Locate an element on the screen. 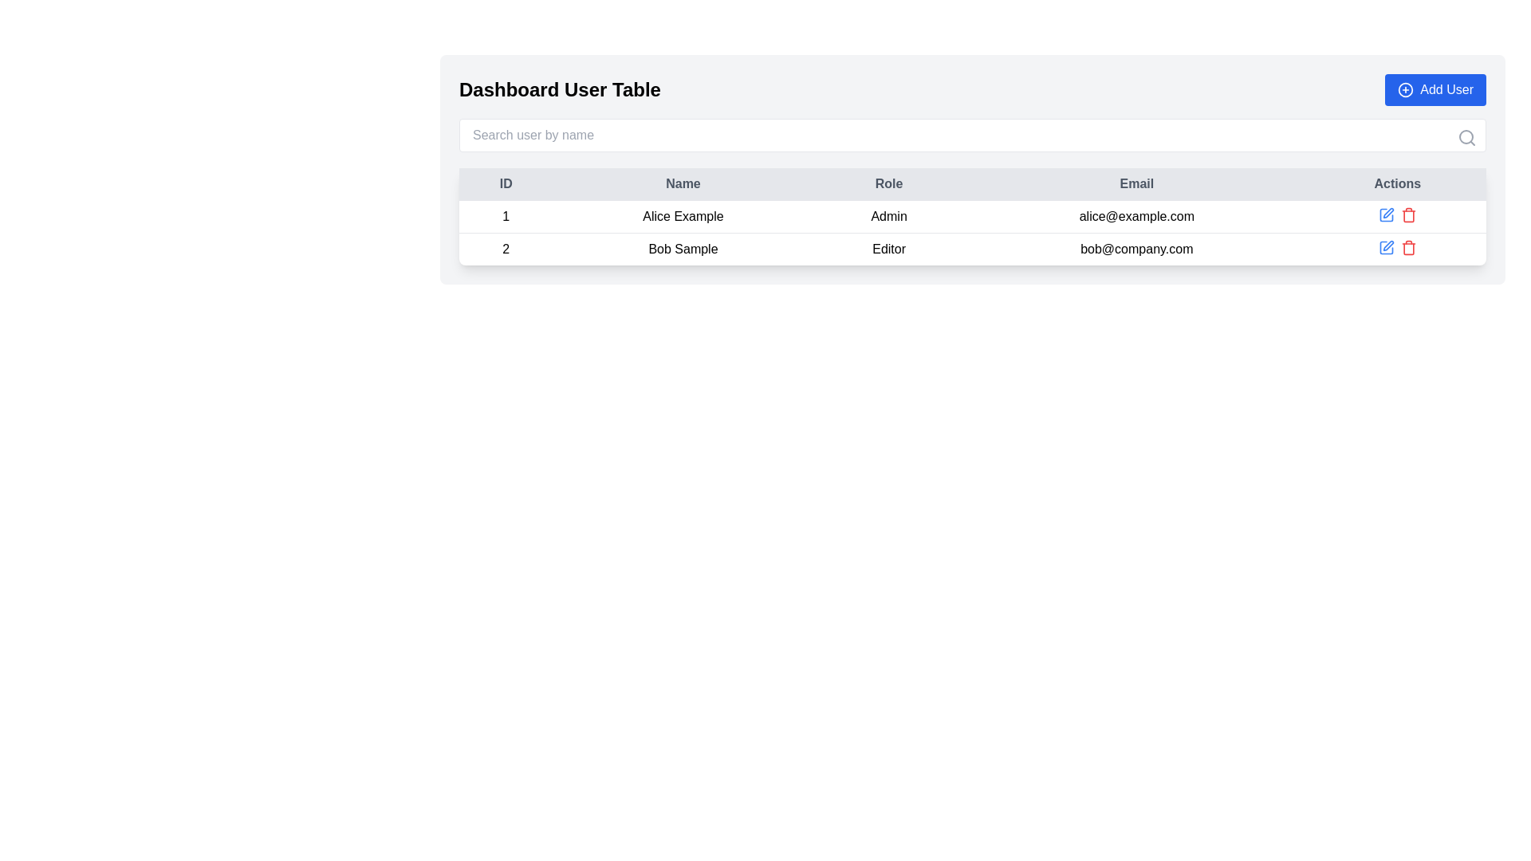 The image size is (1531, 861). text 'Admin' displayed in black font within the first row of the table under the 'Role' header, which corresponds to the user 'Alice Example' is located at coordinates (888, 217).